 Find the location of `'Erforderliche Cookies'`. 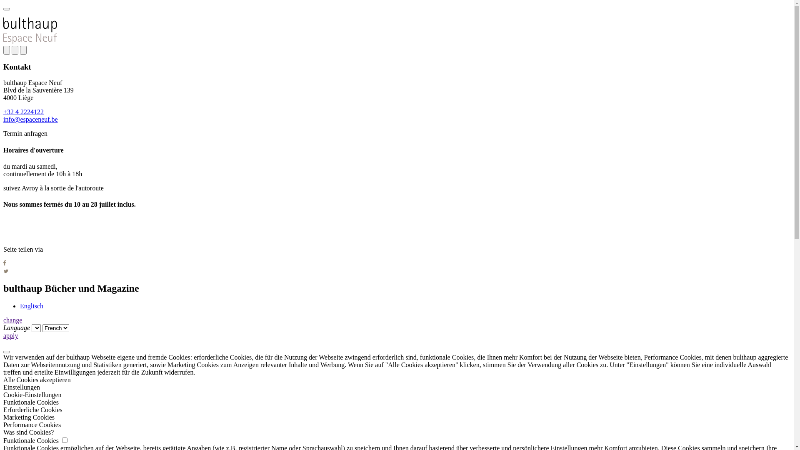

'Erforderliche Cookies' is located at coordinates (396, 409).